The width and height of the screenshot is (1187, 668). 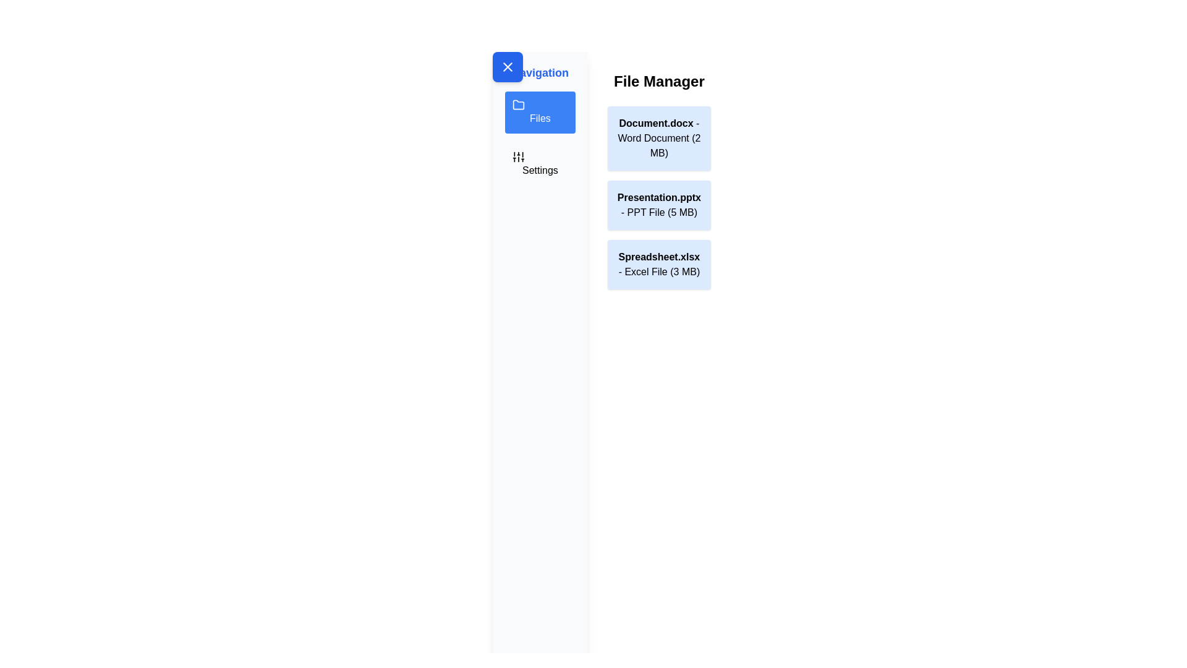 I want to click on the close button located in the top-left corner of the navigation panel, above the text 'Navigation', to focus, so click(x=508, y=67).